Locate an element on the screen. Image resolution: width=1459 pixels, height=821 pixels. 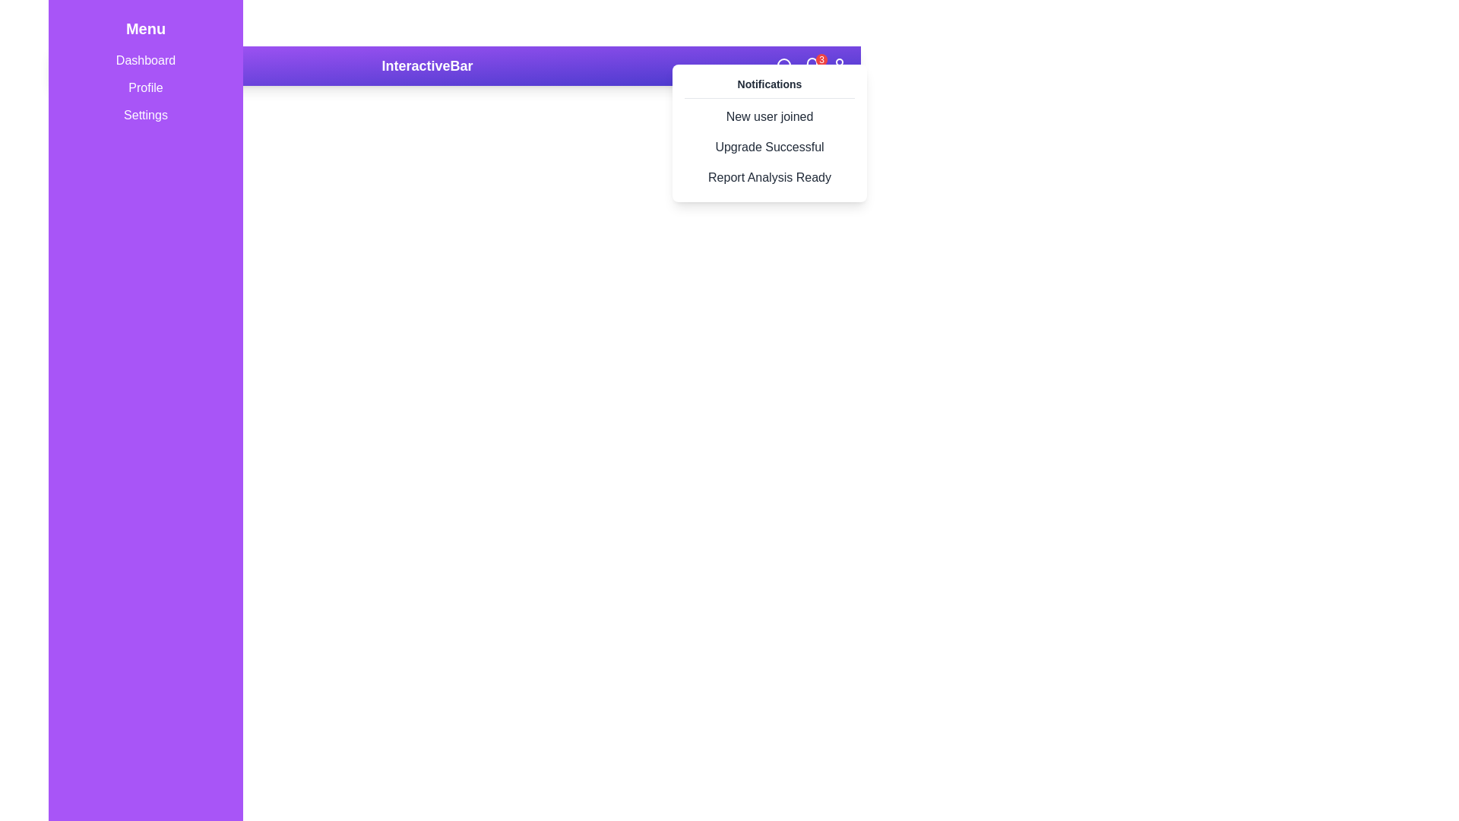
the second menu item in the sidebar, located below 'Dashboard' and above 'Settings' is located at coordinates (146, 87).